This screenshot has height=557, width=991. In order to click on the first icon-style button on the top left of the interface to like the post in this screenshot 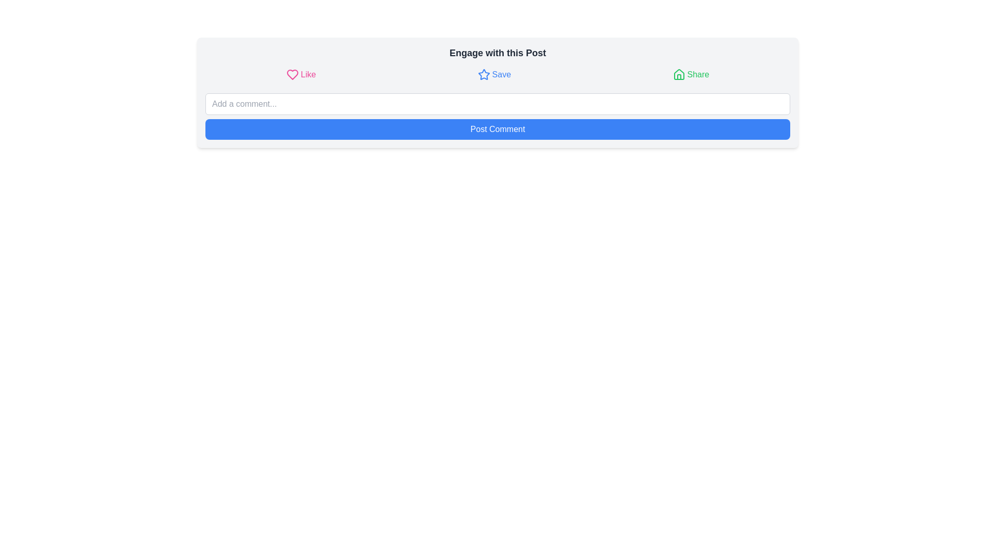, I will do `click(292, 74)`.